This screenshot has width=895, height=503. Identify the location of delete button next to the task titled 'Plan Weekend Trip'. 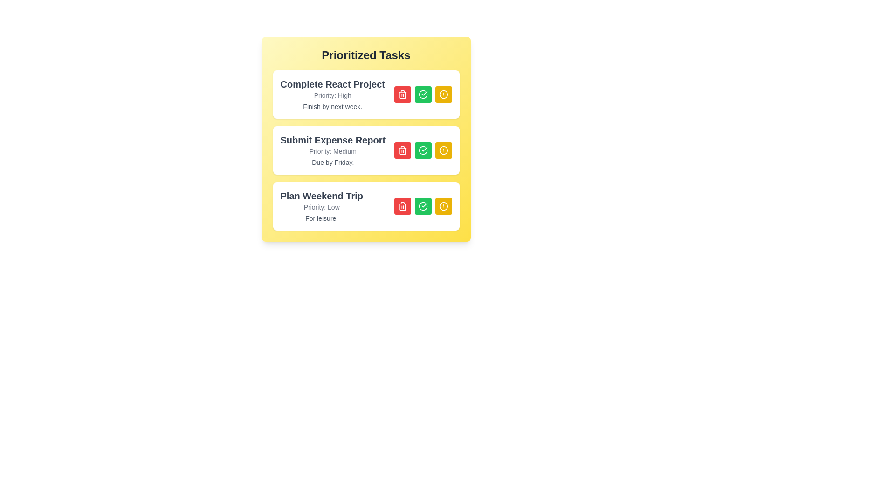
(402, 206).